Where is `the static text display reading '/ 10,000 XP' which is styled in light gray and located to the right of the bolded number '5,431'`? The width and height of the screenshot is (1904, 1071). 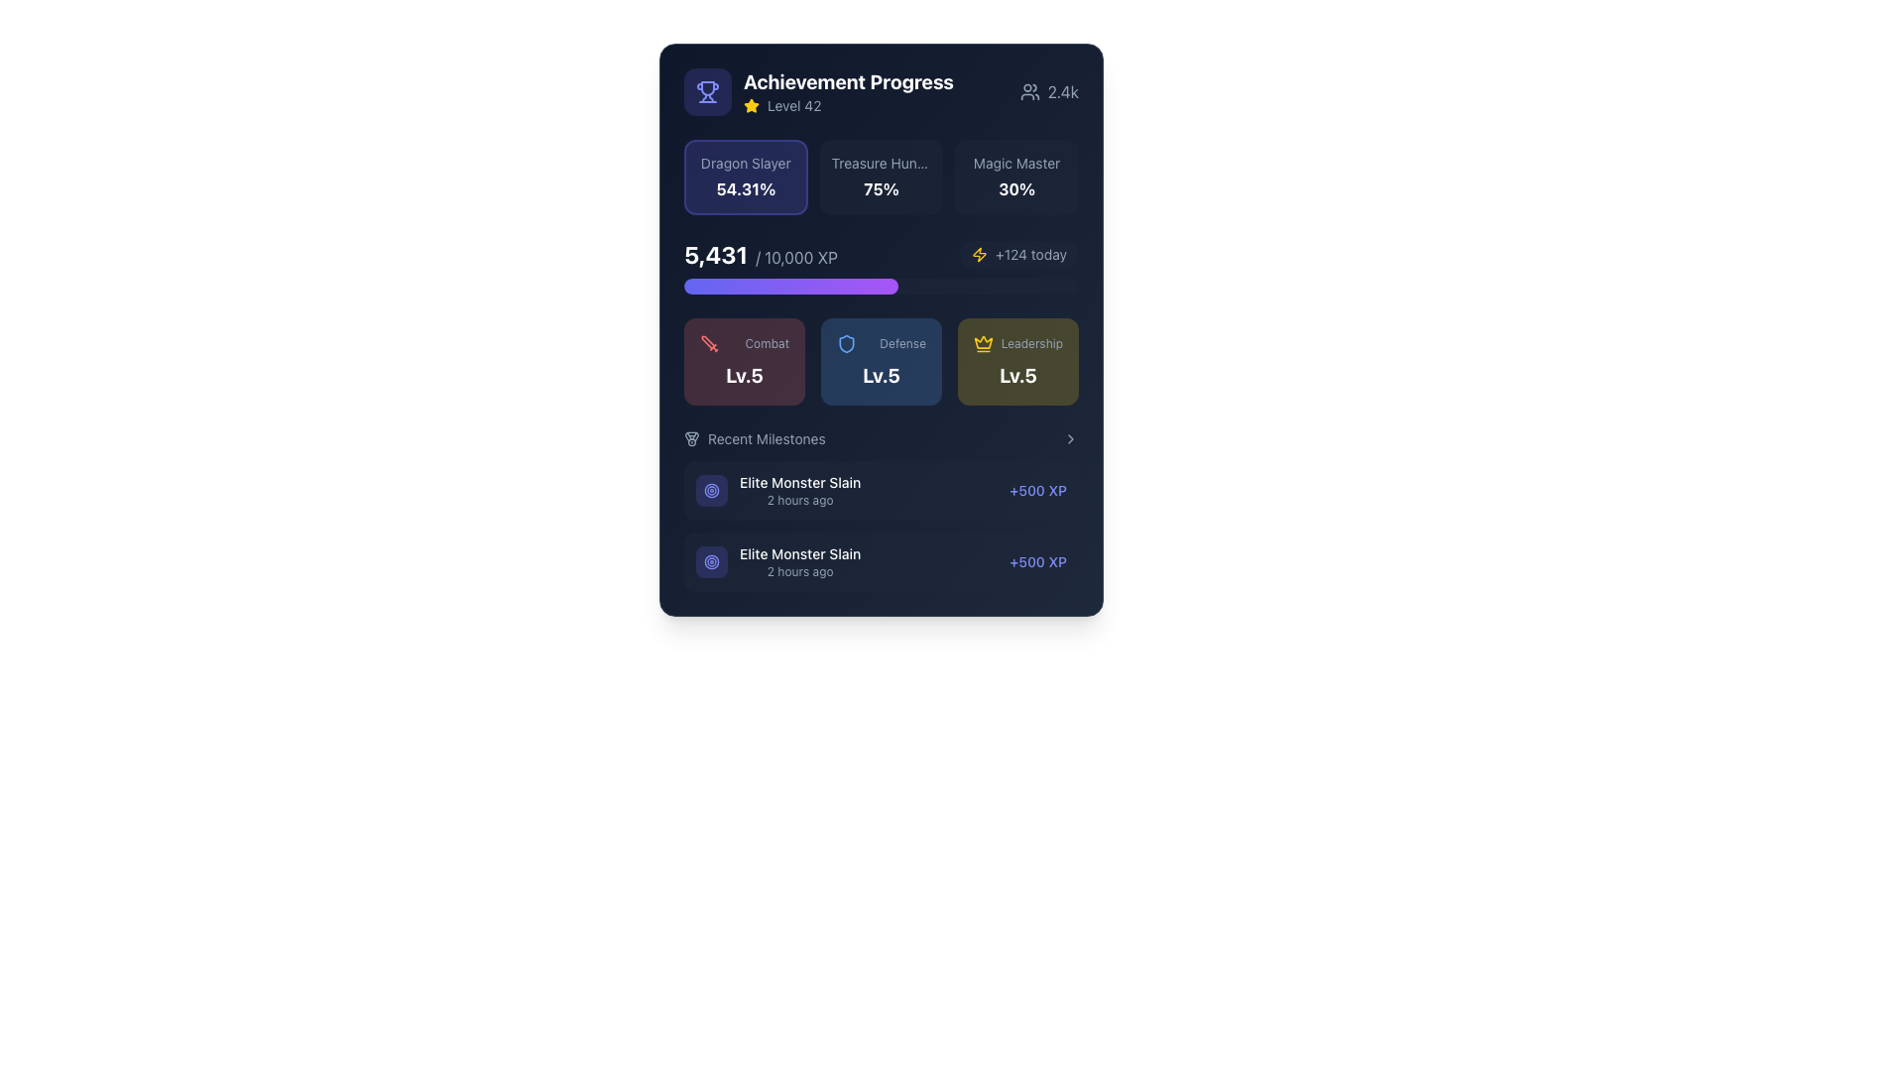
the static text display reading '/ 10,000 XP' which is styled in light gray and located to the right of the bolded number '5,431' is located at coordinates (796, 256).